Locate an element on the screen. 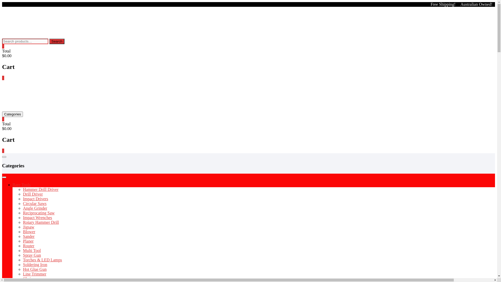  'Rotary Hammer Drill' is located at coordinates (41, 222).